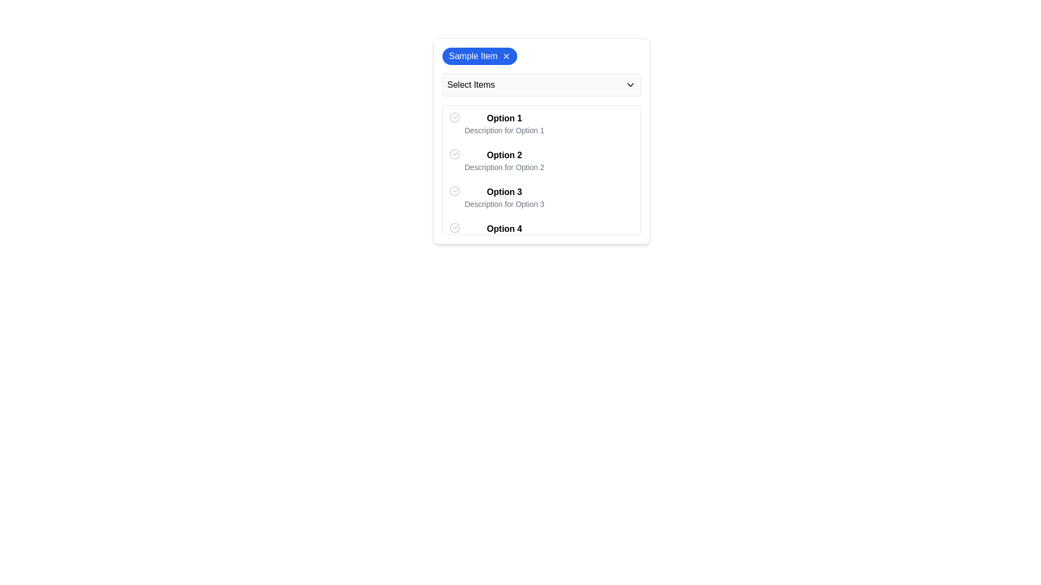 This screenshot has height=585, width=1041. What do you see at coordinates (455, 154) in the screenshot?
I see `the circular checkmark SVG icon located to the left of the text 'Option 2' in the dropdown menu` at bounding box center [455, 154].